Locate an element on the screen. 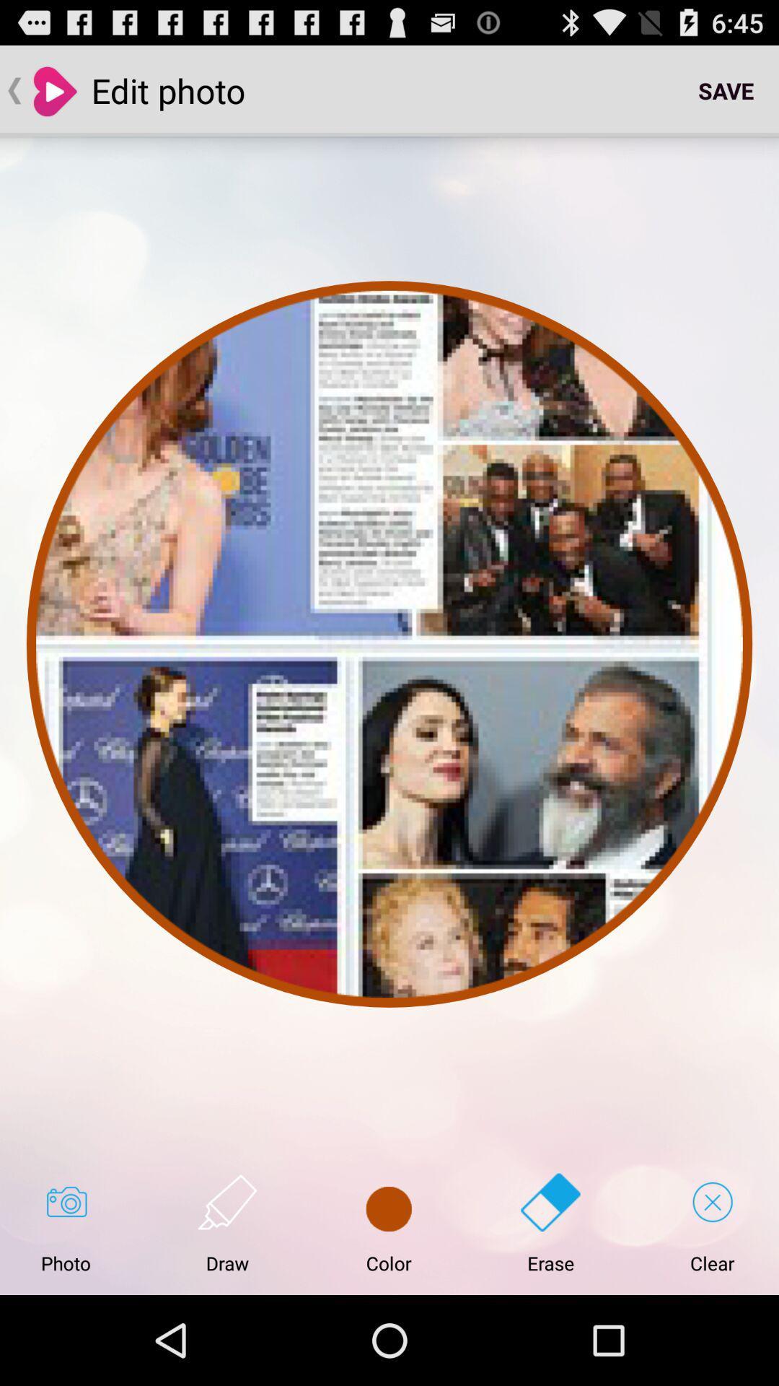 The image size is (779, 1386). the item to the left of the erase button is located at coordinates (388, 1223).